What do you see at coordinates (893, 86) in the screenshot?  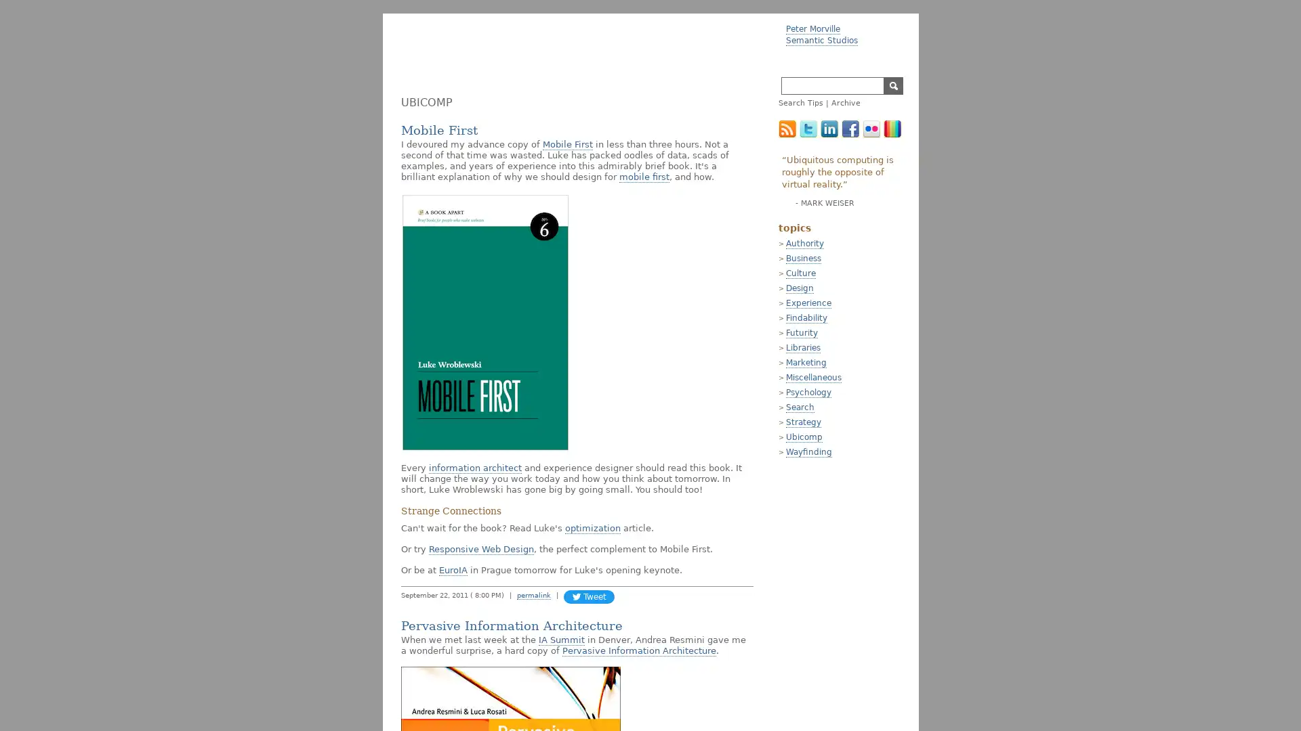 I see `SUBMIT` at bounding box center [893, 86].